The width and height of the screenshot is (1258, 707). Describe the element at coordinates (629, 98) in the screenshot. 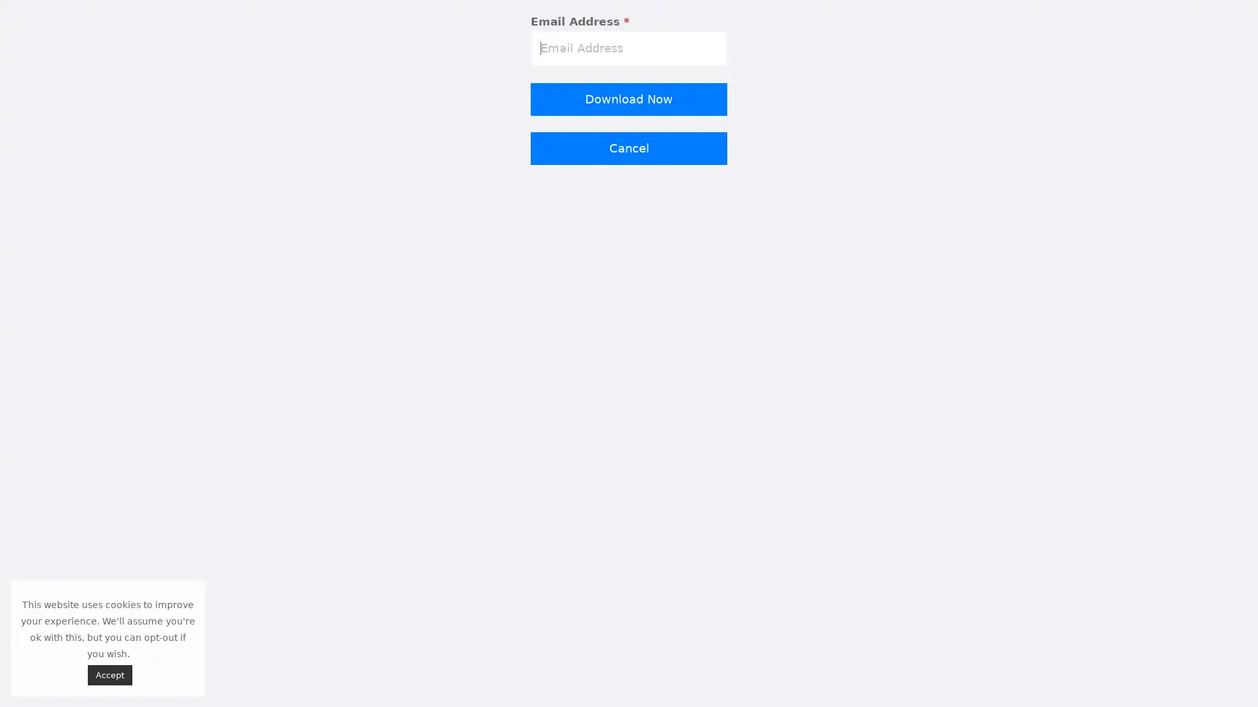

I see `Download Now` at that location.